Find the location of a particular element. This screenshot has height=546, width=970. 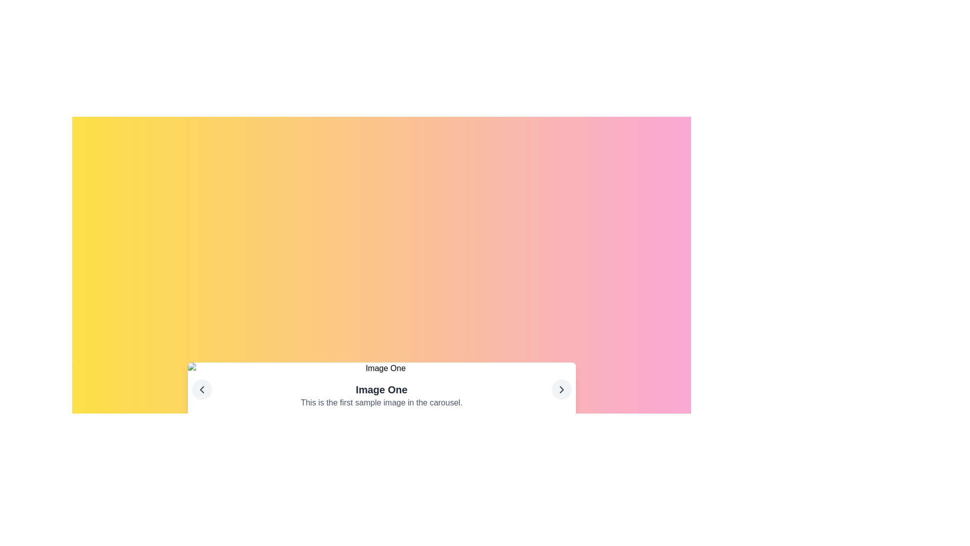

the second arrow button in the carousel interface is located at coordinates (561, 389).